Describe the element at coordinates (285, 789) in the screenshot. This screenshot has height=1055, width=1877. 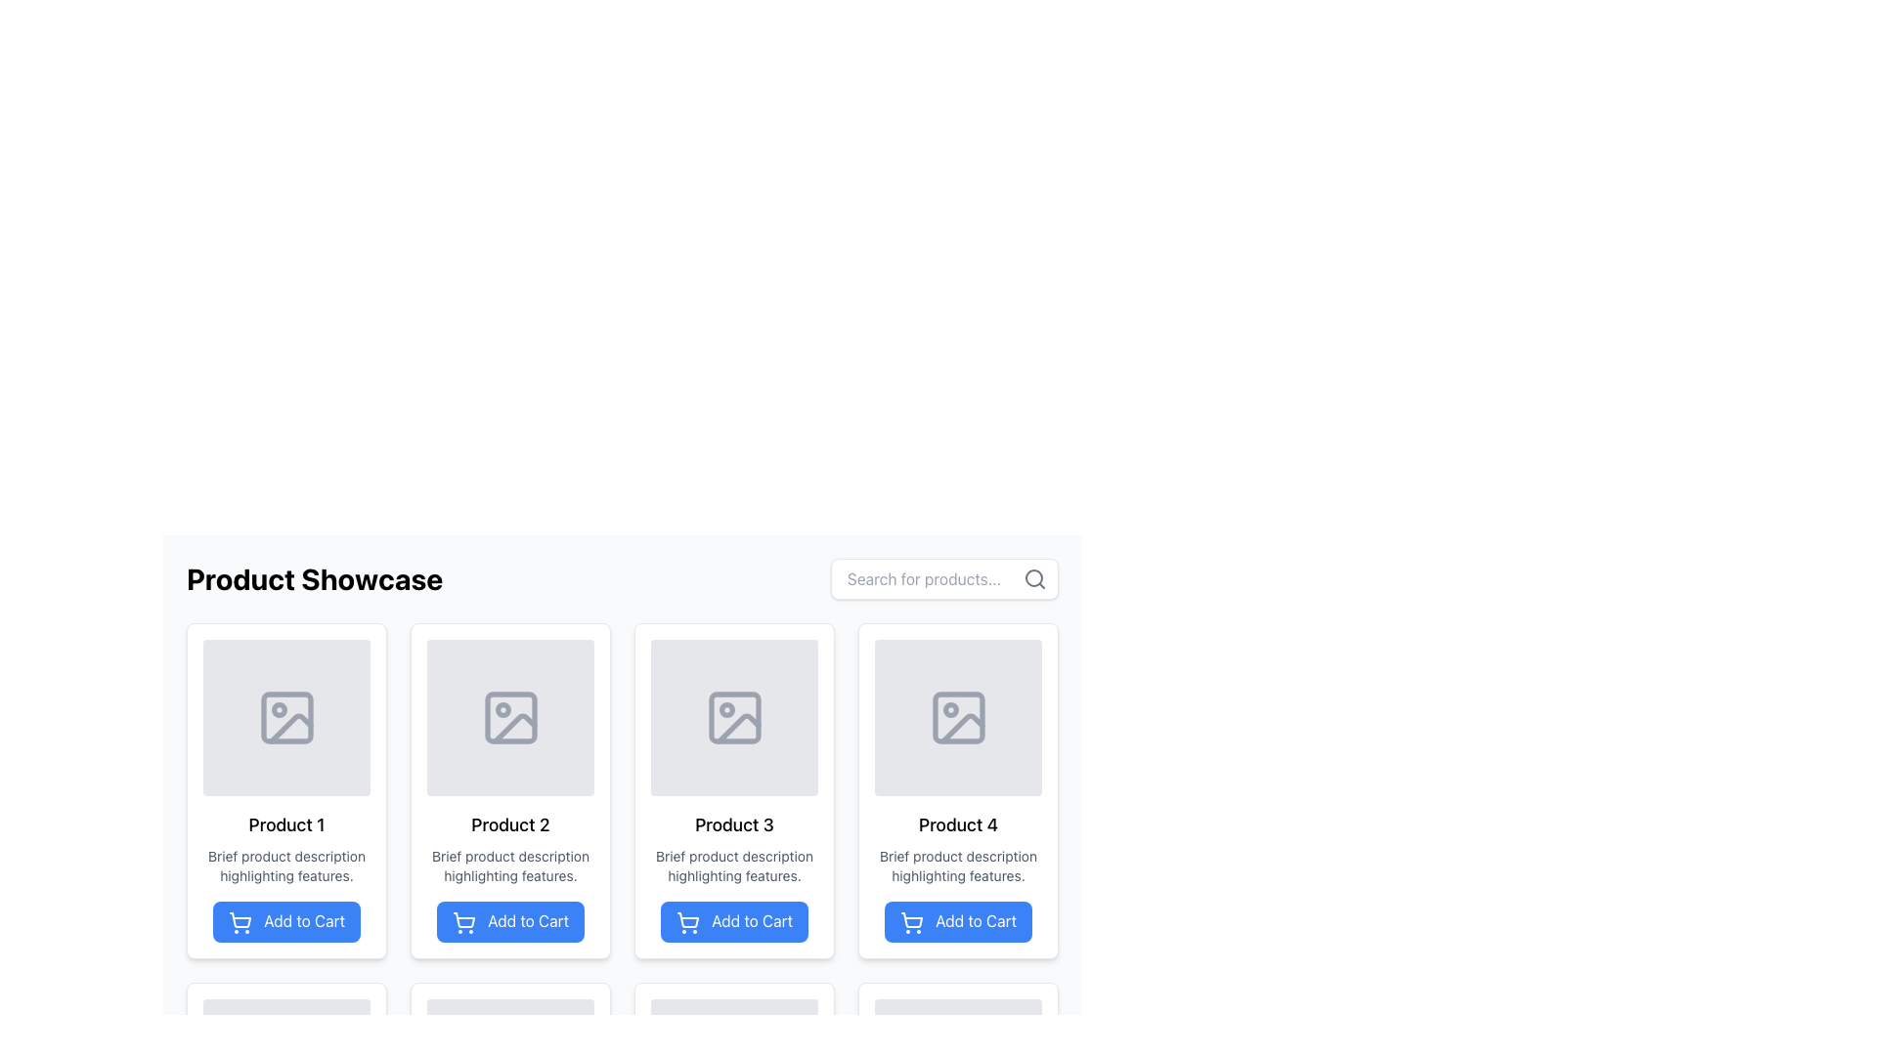
I see `the placeholder icon of the product card located at the top-left corner of the grid layout for additional visuals` at that location.